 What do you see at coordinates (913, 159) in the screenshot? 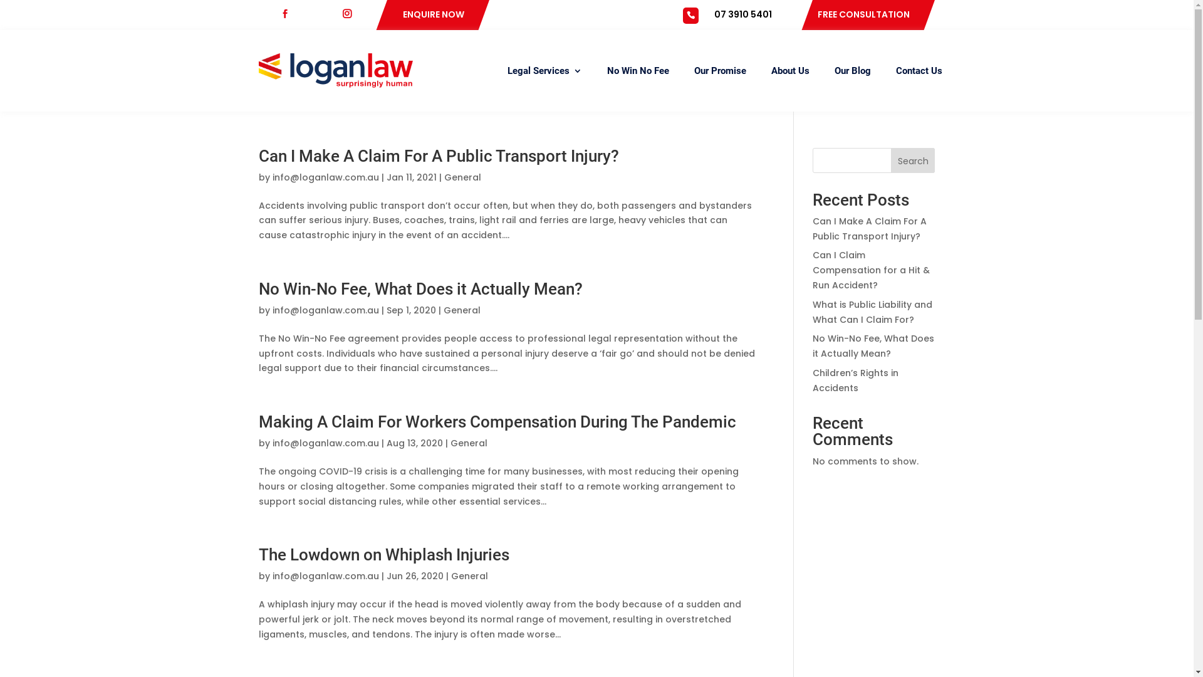
I see `'Search'` at bounding box center [913, 159].